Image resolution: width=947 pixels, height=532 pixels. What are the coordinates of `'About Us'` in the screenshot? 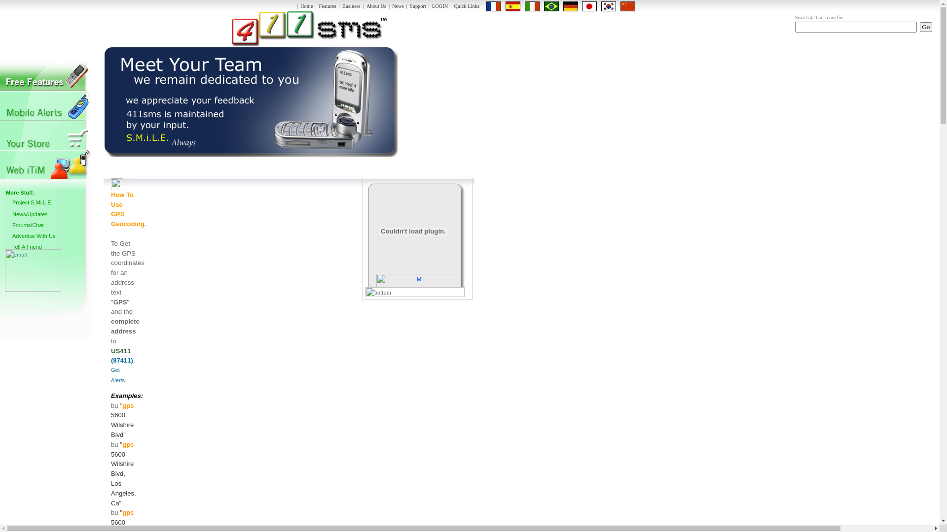 It's located at (376, 5).